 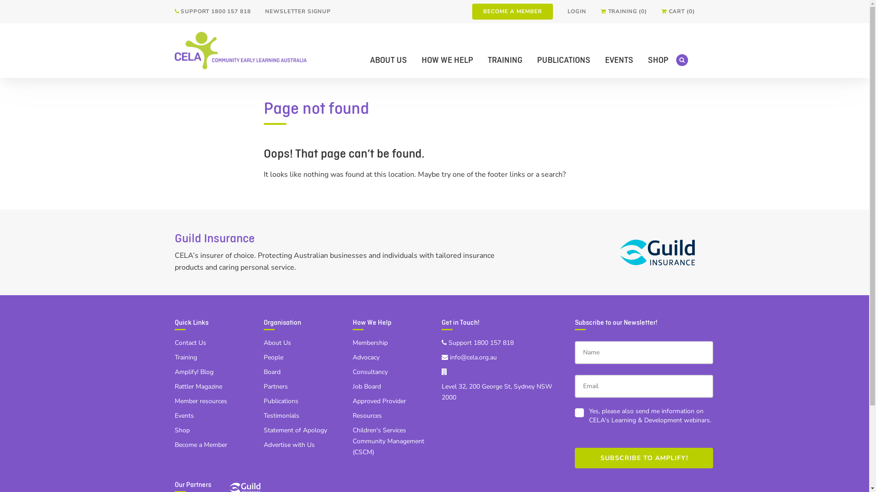 What do you see at coordinates (277, 343) in the screenshot?
I see `'About Us'` at bounding box center [277, 343].